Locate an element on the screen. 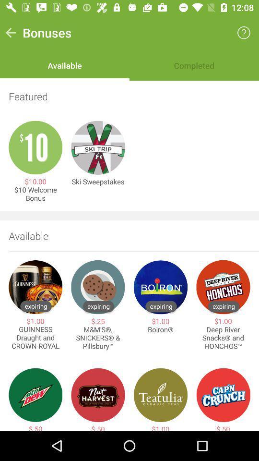 The width and height of the screenshot is (259, 461). the text right to left arrow is located at coordinates (47, 33).